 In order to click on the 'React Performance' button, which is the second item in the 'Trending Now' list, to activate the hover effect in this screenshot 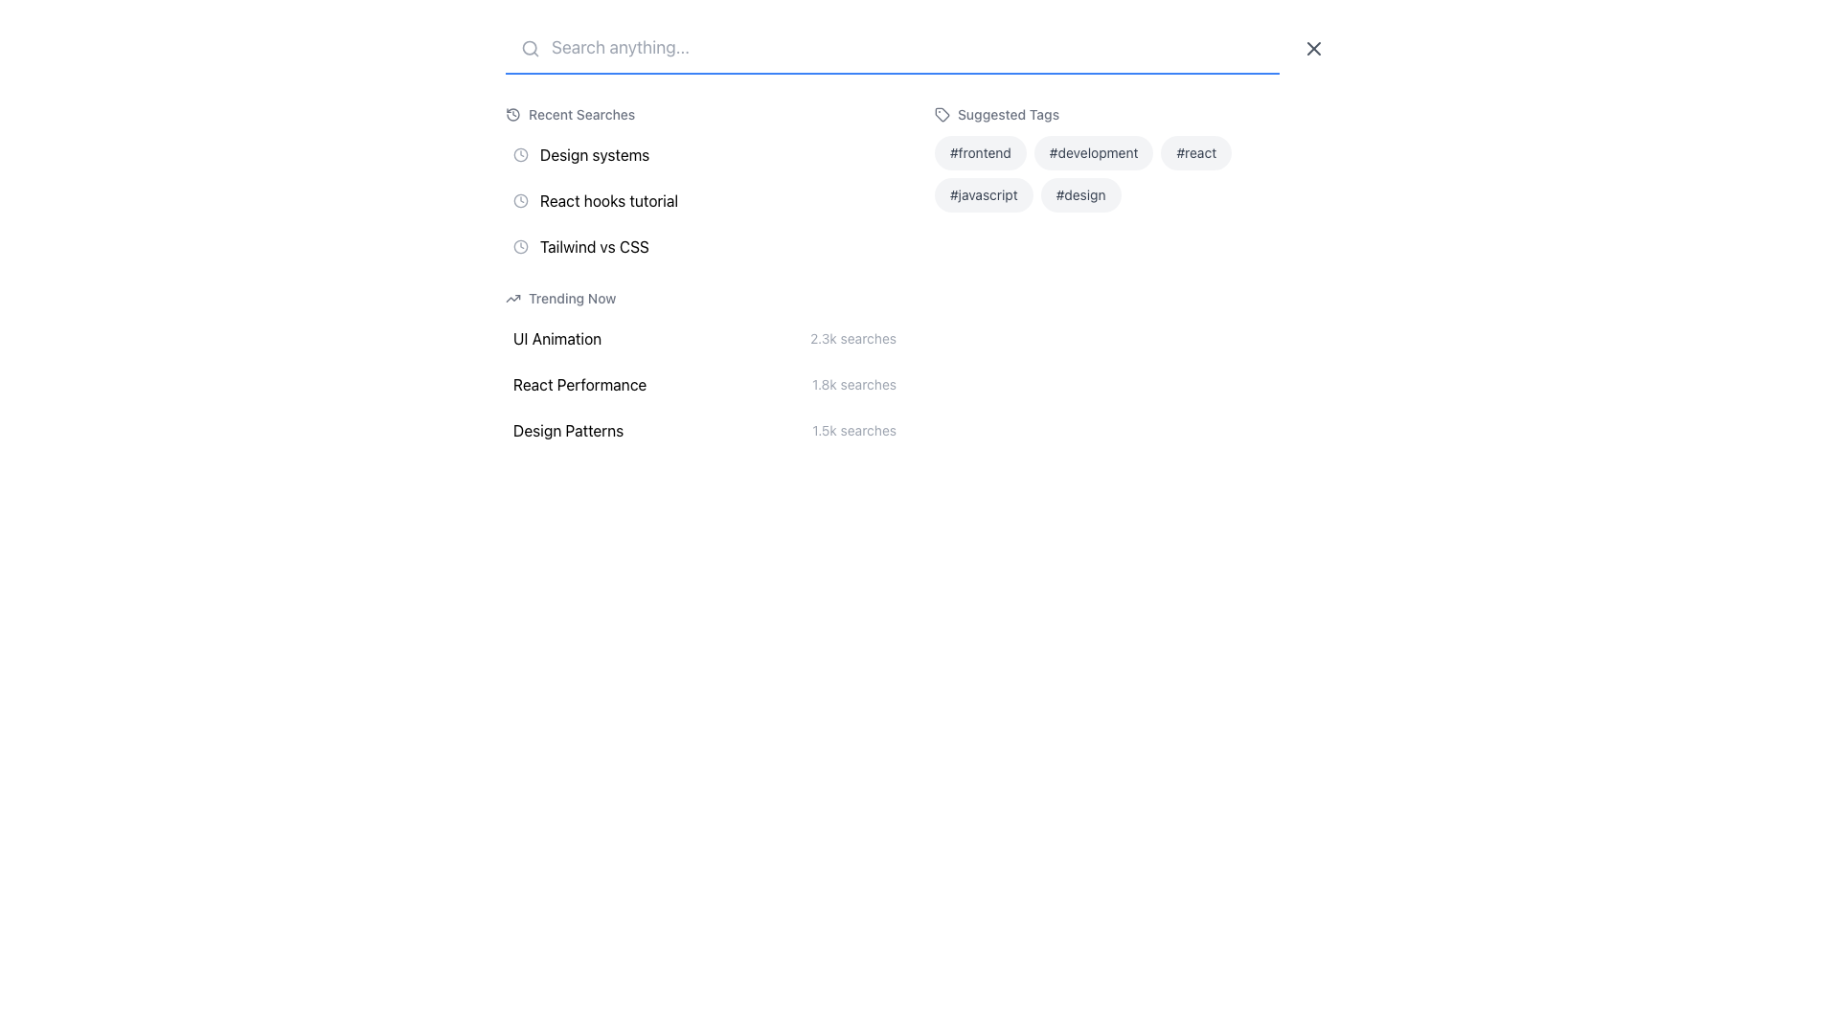, I will do `click(703, 384)`.